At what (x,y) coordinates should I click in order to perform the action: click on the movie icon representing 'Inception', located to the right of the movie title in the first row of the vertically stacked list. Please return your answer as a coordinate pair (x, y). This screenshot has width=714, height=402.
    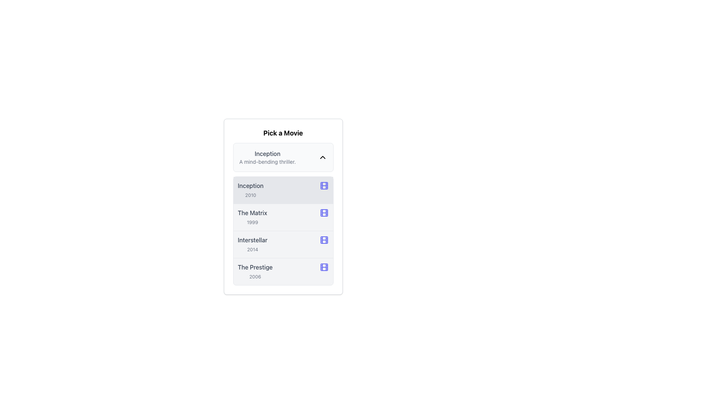
    Looking at the image, I should click on (324, 185).